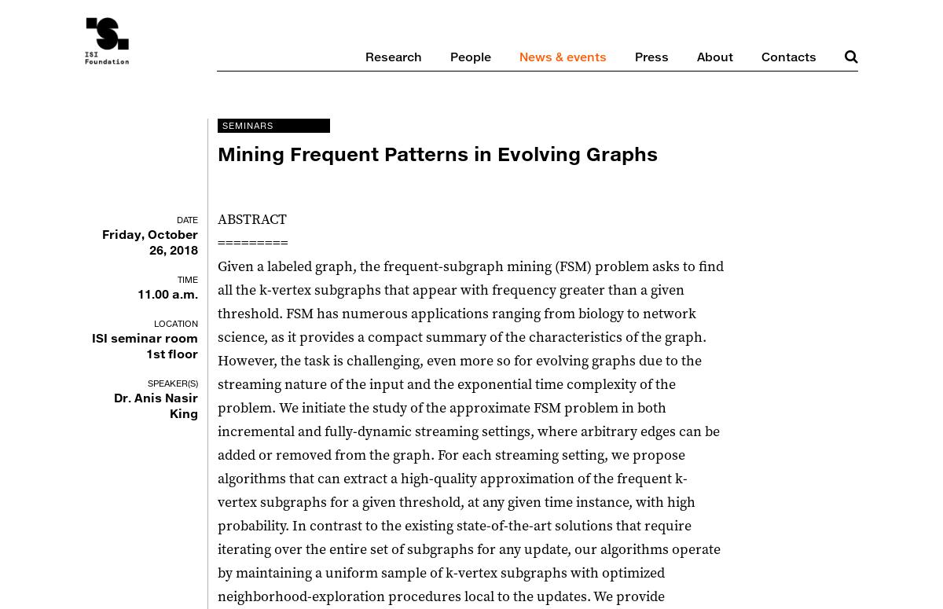  Describe the element at coordinates (167, 294) in the screenshot. I see `'11.00 a.m.'` at that location.